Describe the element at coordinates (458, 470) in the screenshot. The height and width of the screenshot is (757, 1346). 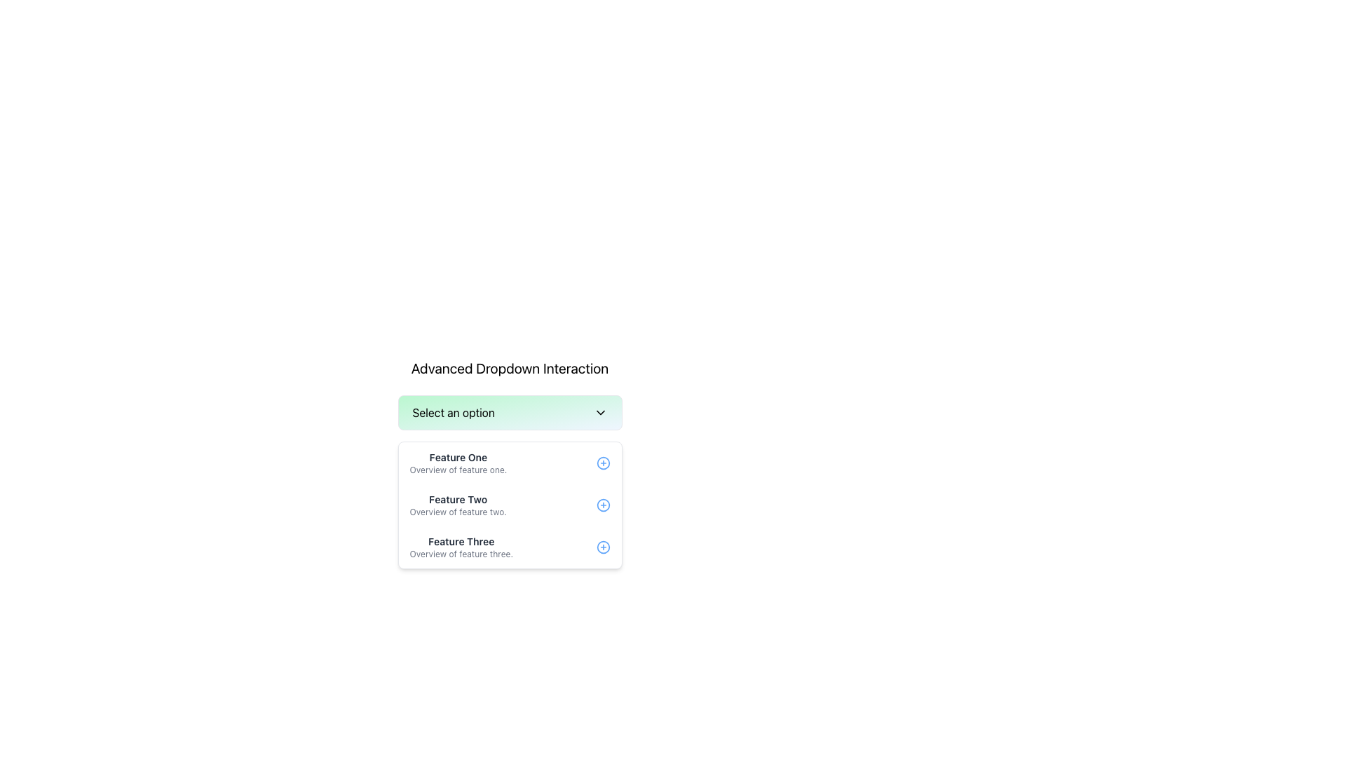
I see `the Text Label that provides a summary related to 'Feature One', located immediately below the title 'Feature One'` at that location.